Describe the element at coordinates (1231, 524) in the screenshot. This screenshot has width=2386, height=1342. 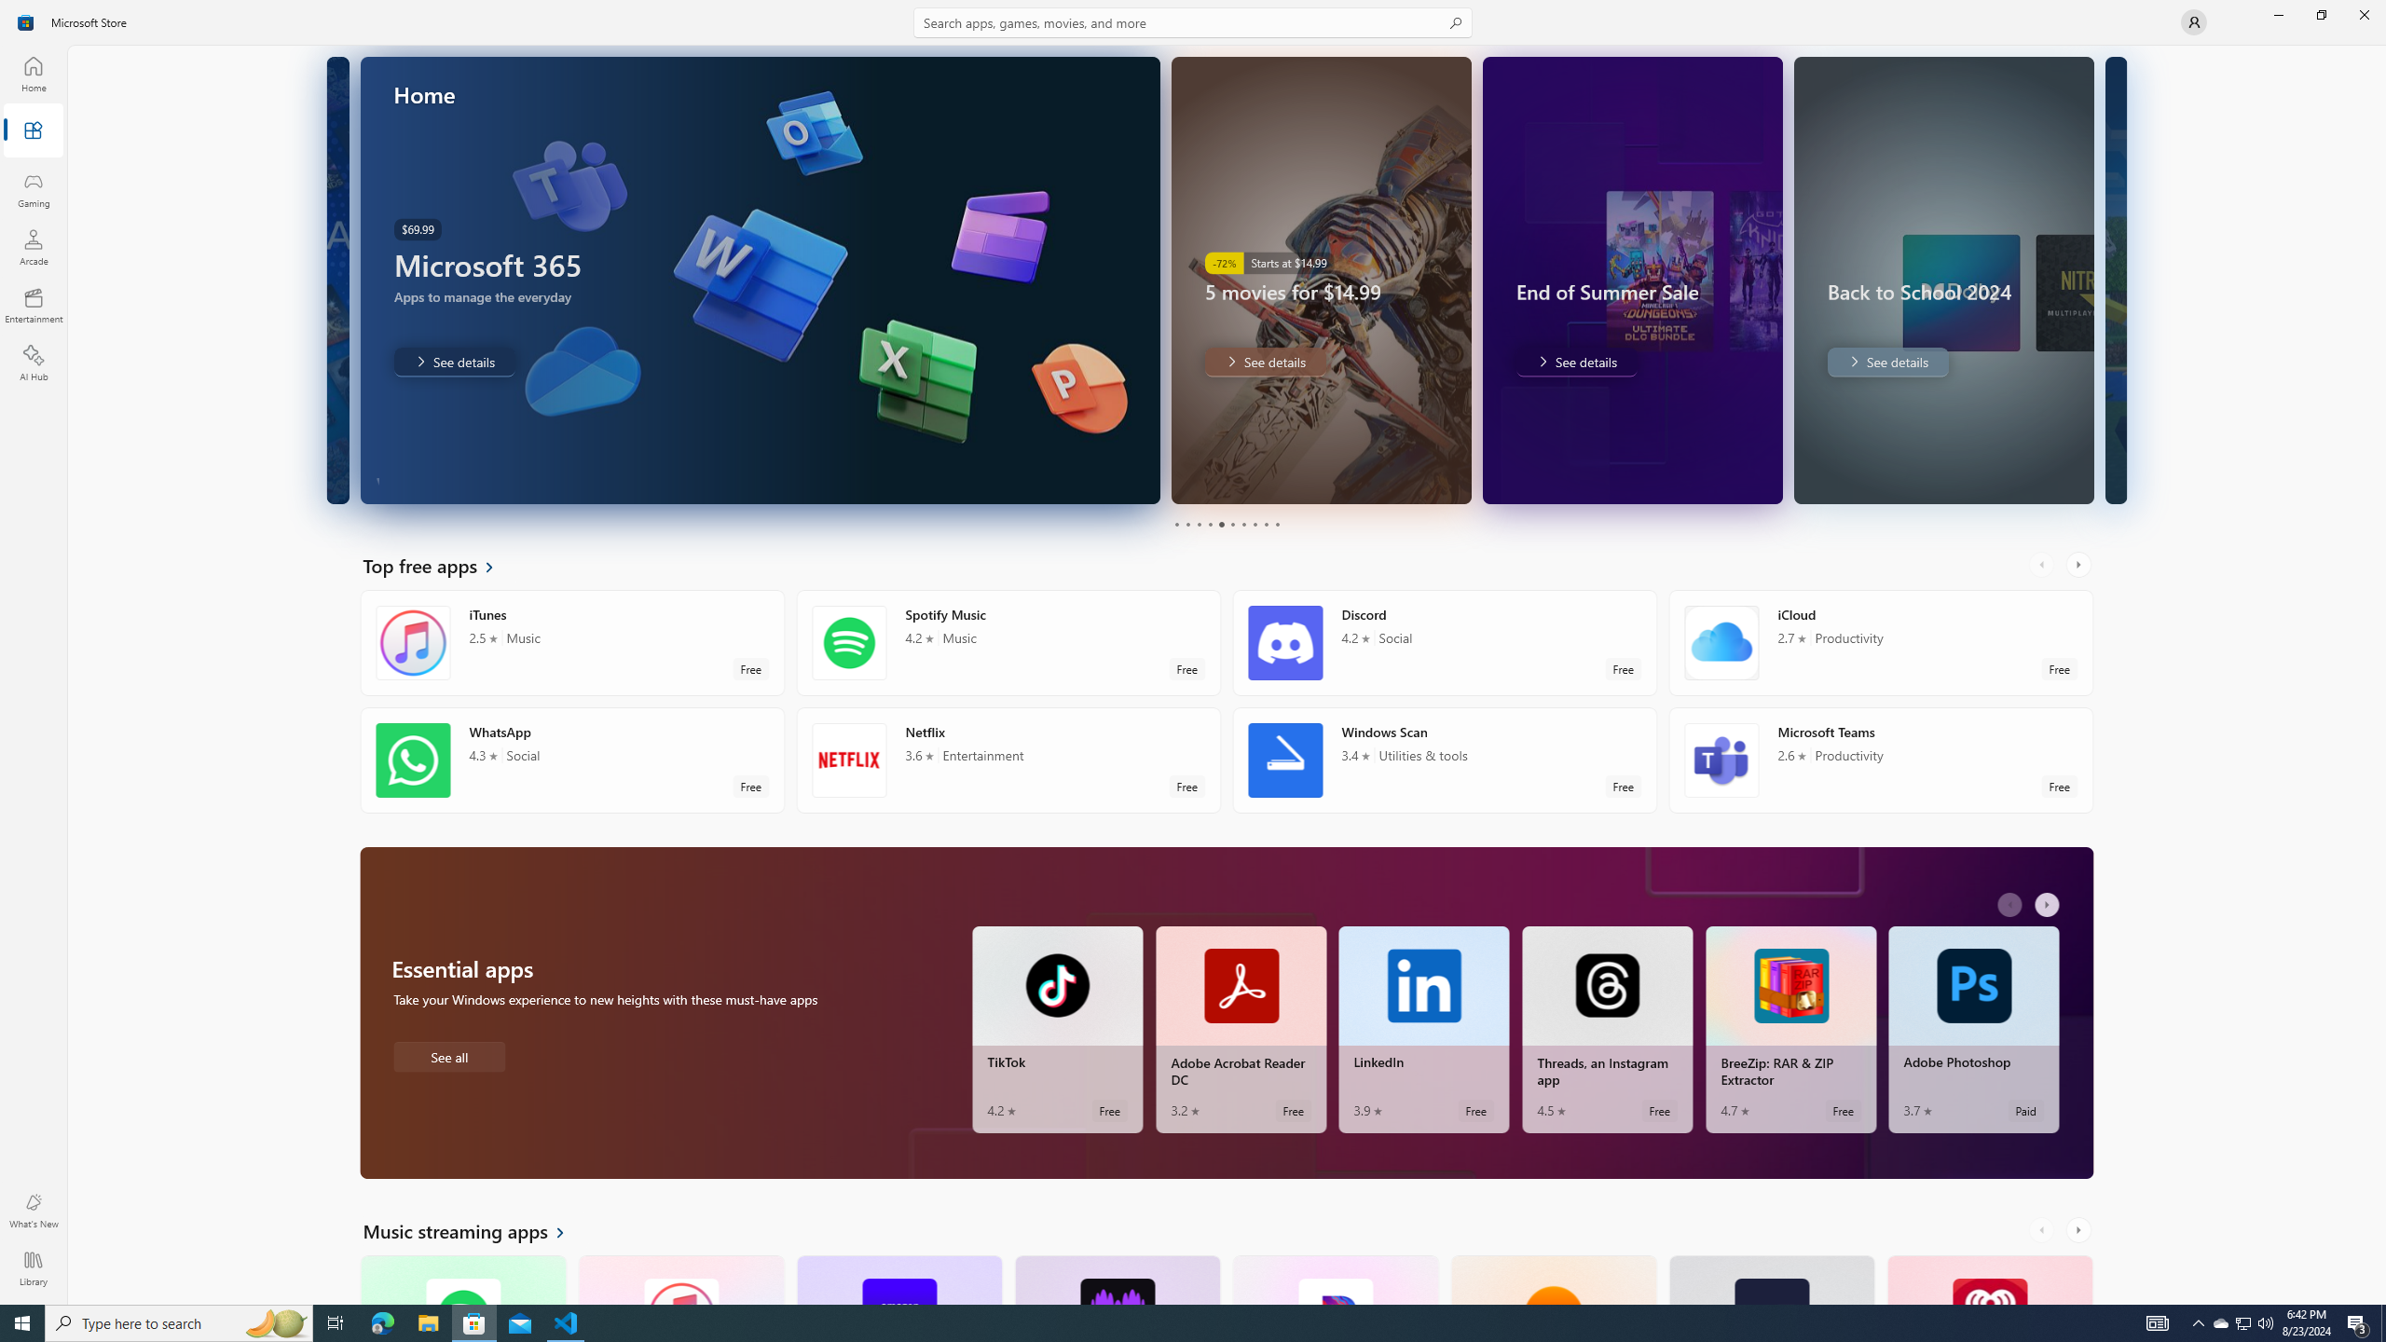
I see `'Page 6'` at that location.